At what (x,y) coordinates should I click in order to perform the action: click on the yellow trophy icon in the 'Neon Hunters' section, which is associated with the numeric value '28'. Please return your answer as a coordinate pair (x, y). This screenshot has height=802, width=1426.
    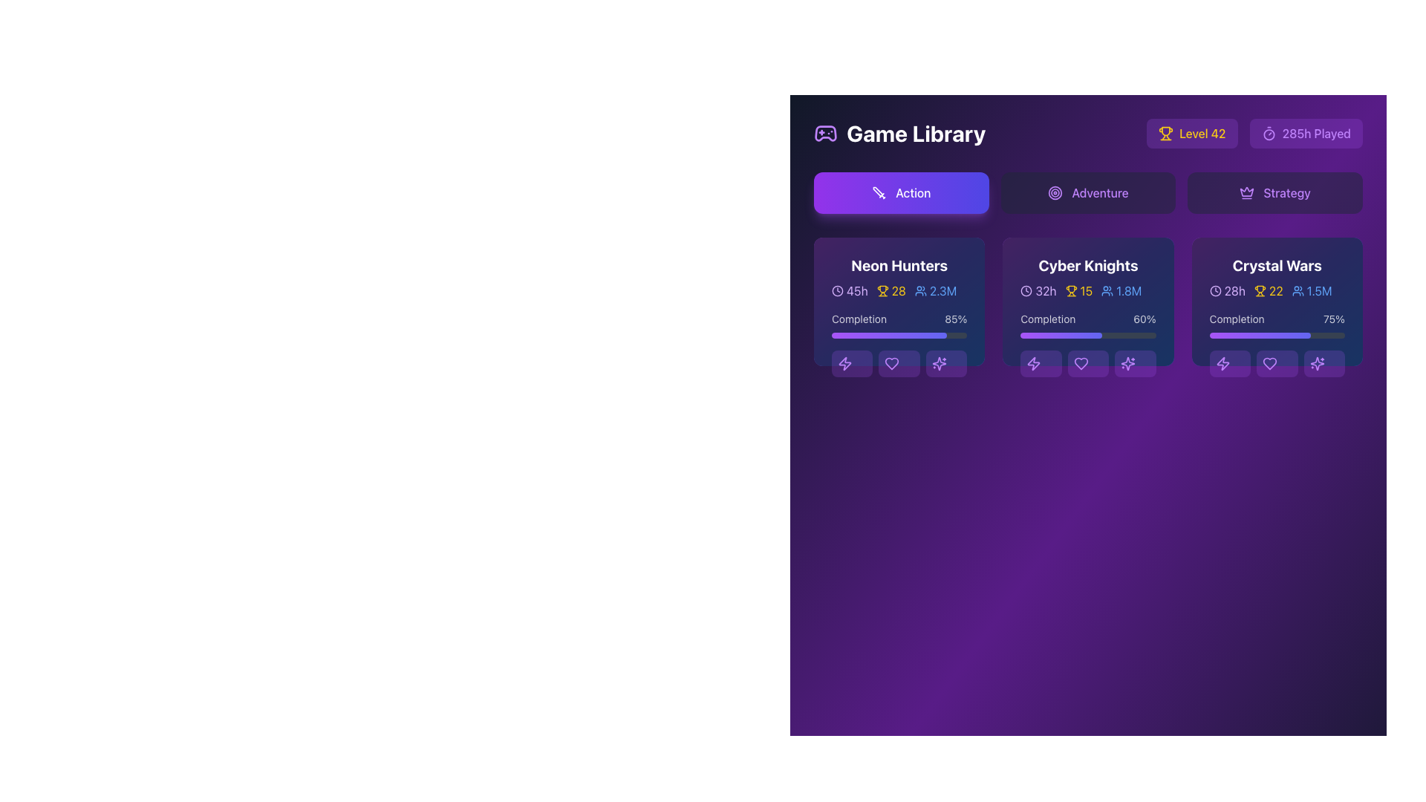
    Looking at the image, I should click on (882, 291).